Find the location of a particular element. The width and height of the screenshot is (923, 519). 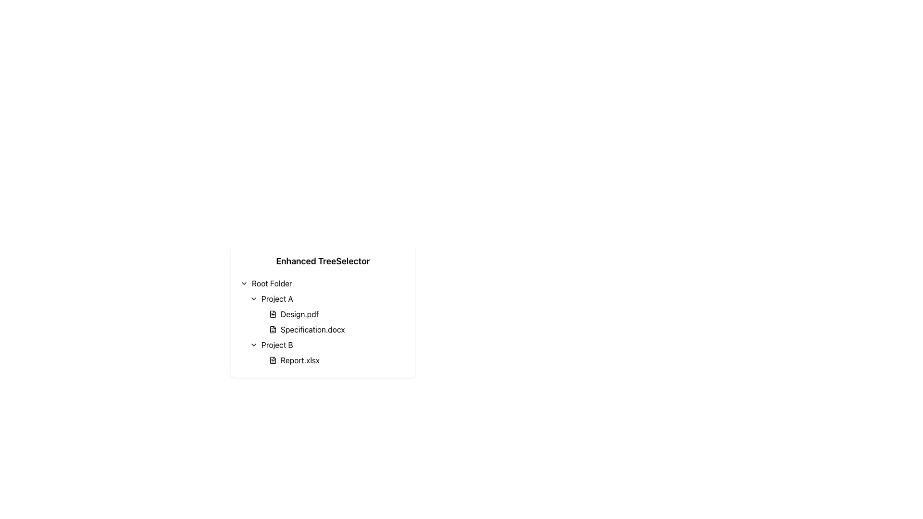

the downward arrow icon next to 'Project B' is located at coordinates (254, 344).